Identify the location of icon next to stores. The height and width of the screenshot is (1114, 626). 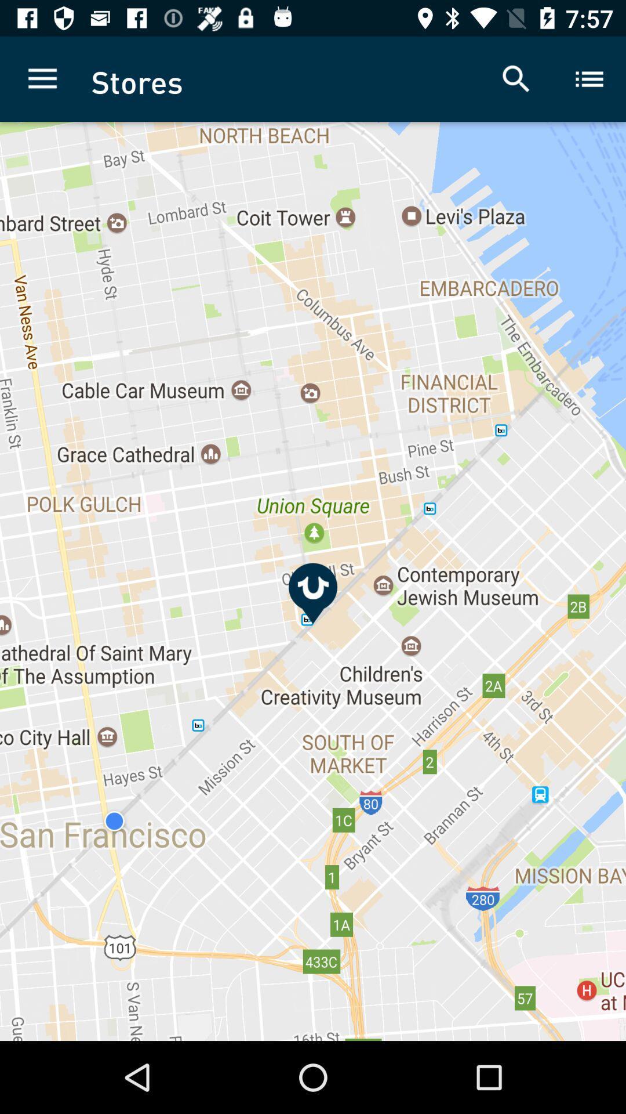
(42, 78).